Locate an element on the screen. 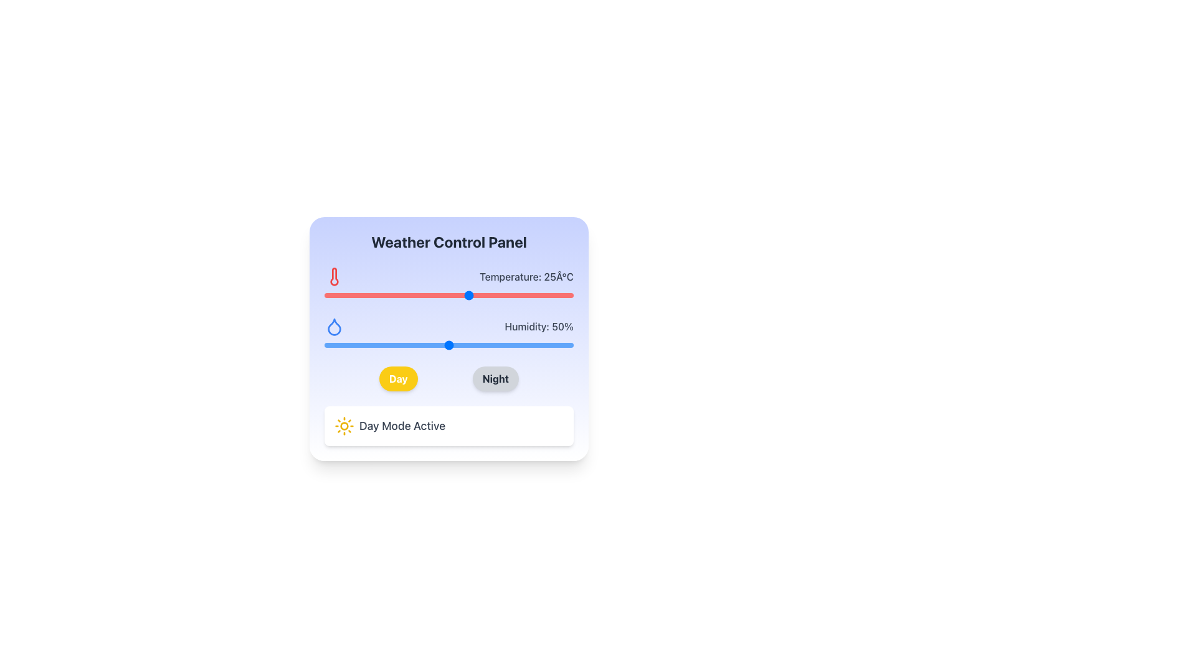  humidity level is located at coordinates (504, 345).